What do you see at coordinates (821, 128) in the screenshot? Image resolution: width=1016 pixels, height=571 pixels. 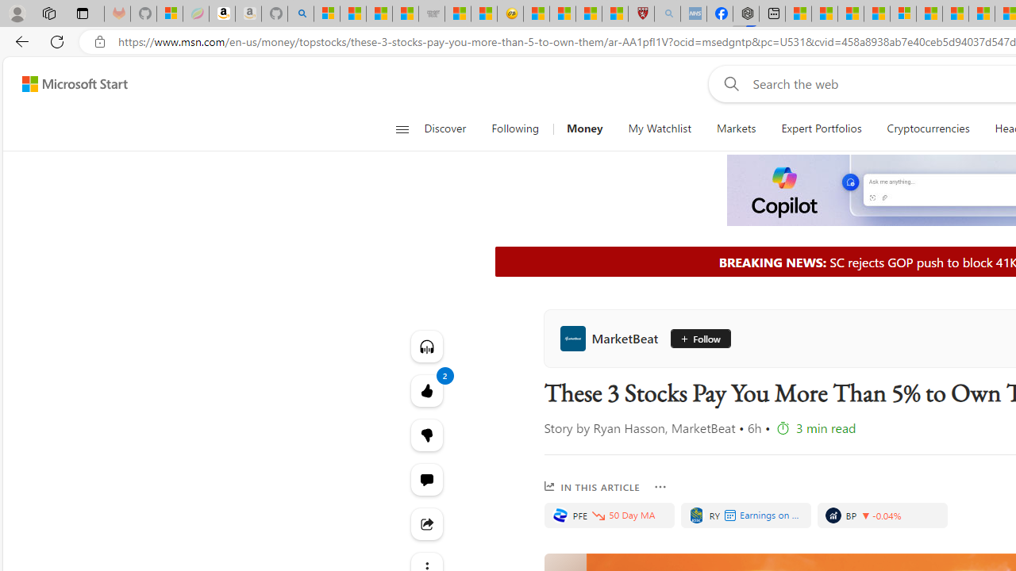 I see `'Expert Portfolios'` at bounding box center [821, 128].